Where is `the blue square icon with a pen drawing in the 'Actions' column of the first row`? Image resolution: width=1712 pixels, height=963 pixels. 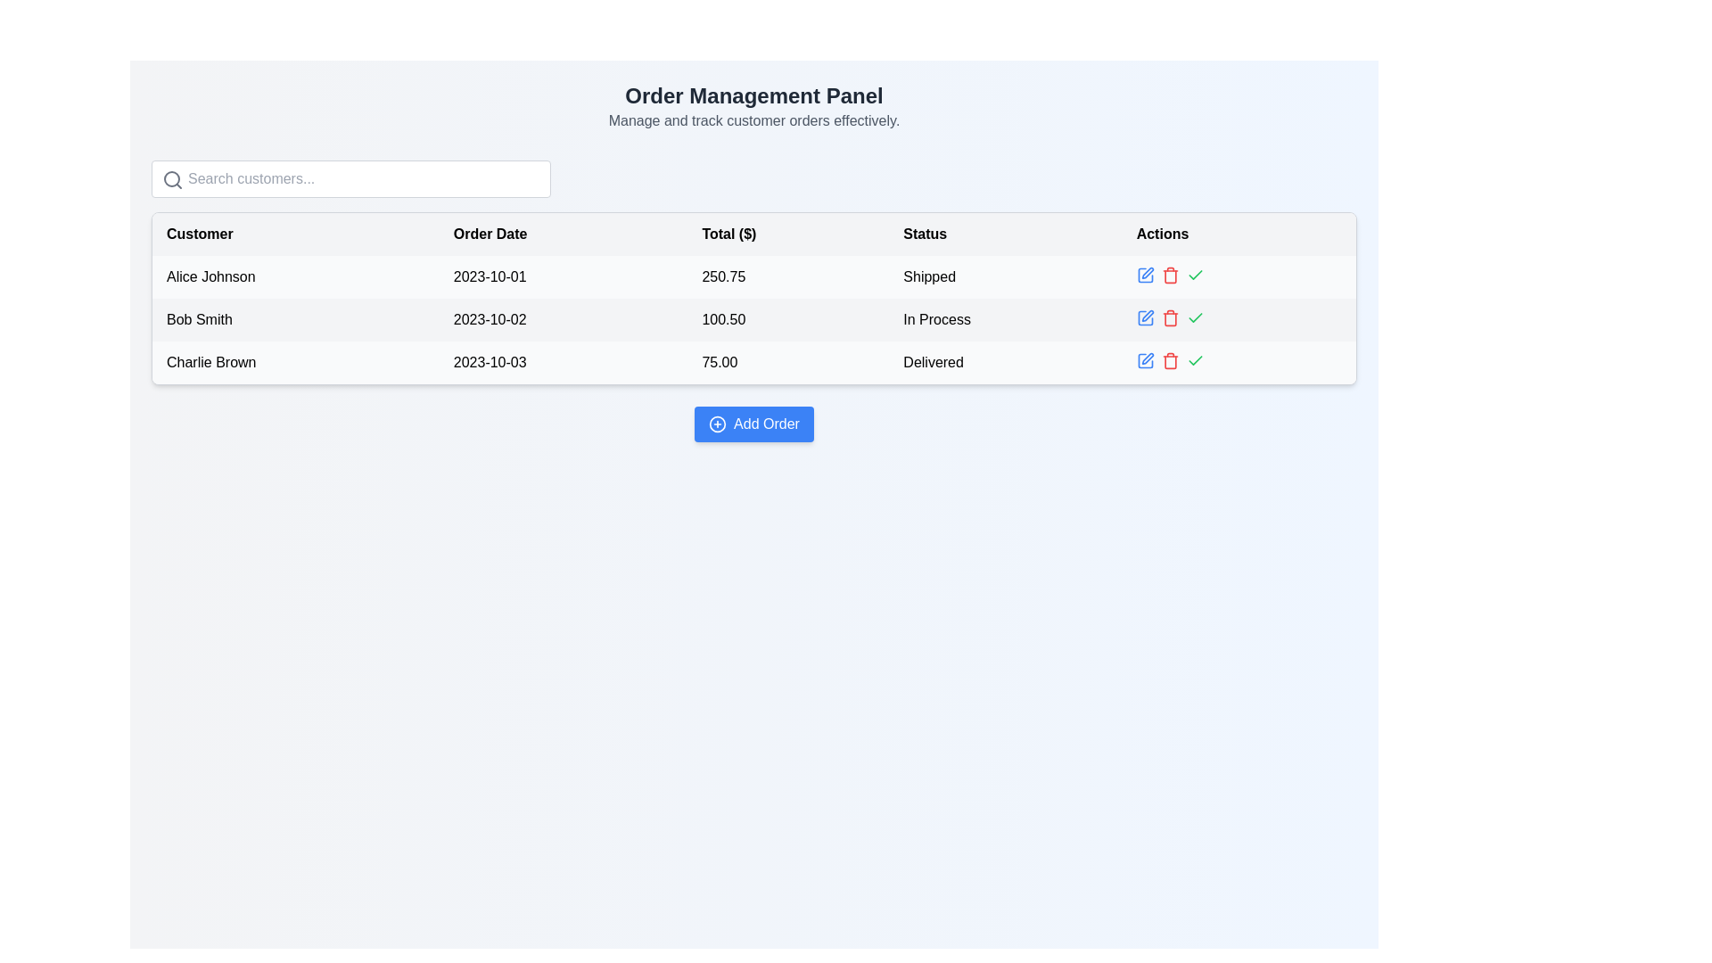
the blue square icon with a pen drawing in the 'Actions' column of the first row is located at coordinates (1145, 275).